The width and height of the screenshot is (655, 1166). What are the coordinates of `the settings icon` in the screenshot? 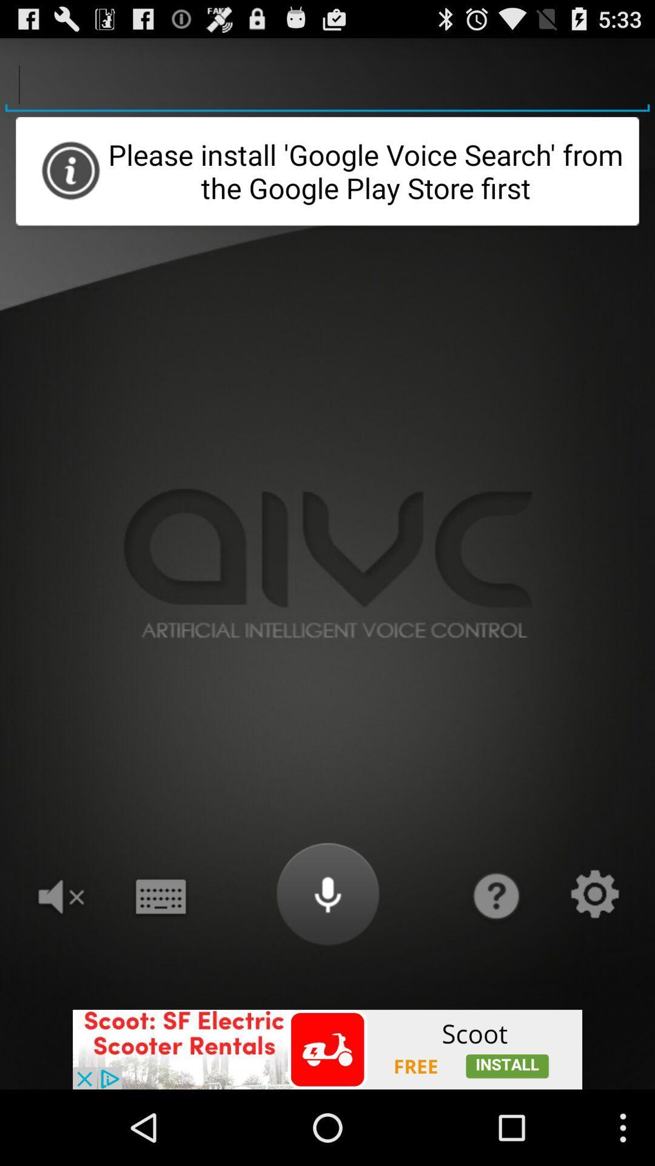 It's located at (594, 956).